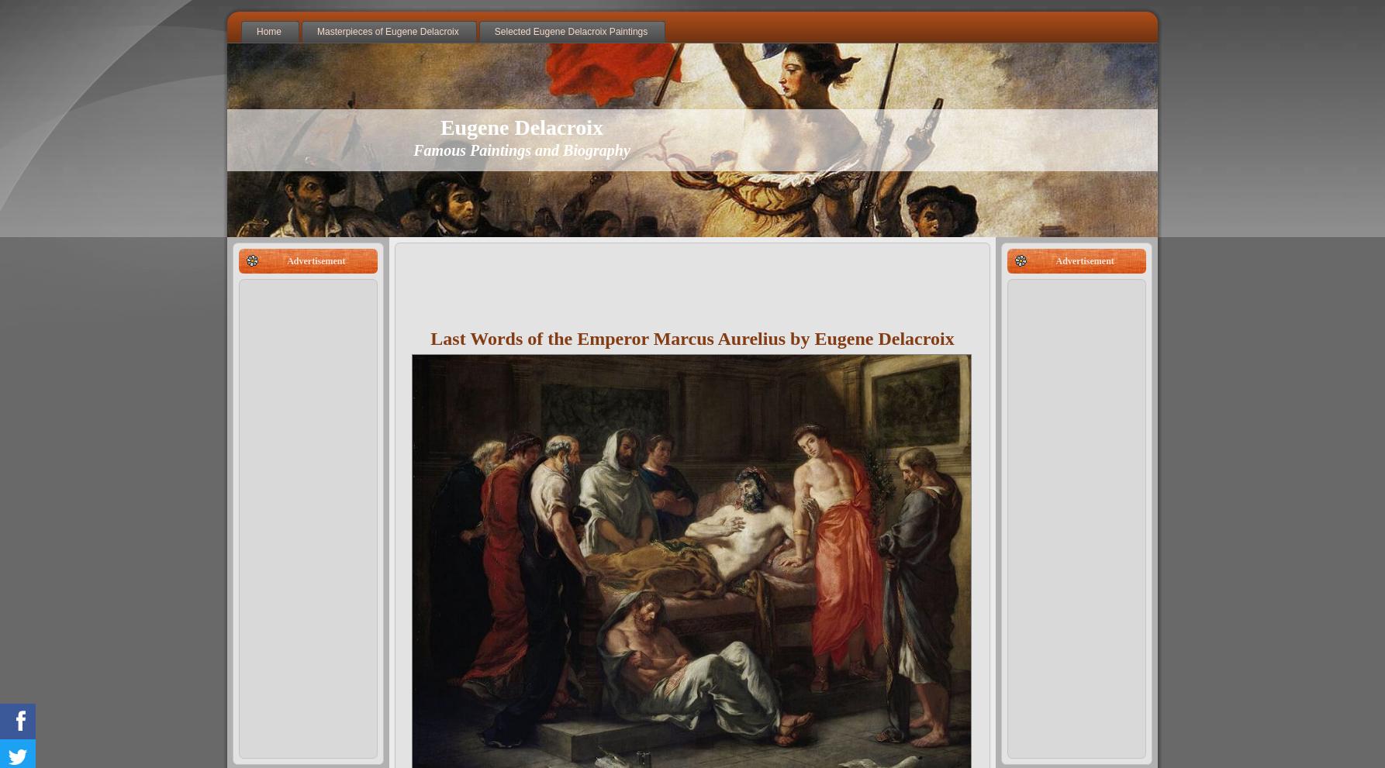  I want to click on 'Last Words of the Emperor Marcus Aurelius by Eugene Delacroix', so click(691, 338).